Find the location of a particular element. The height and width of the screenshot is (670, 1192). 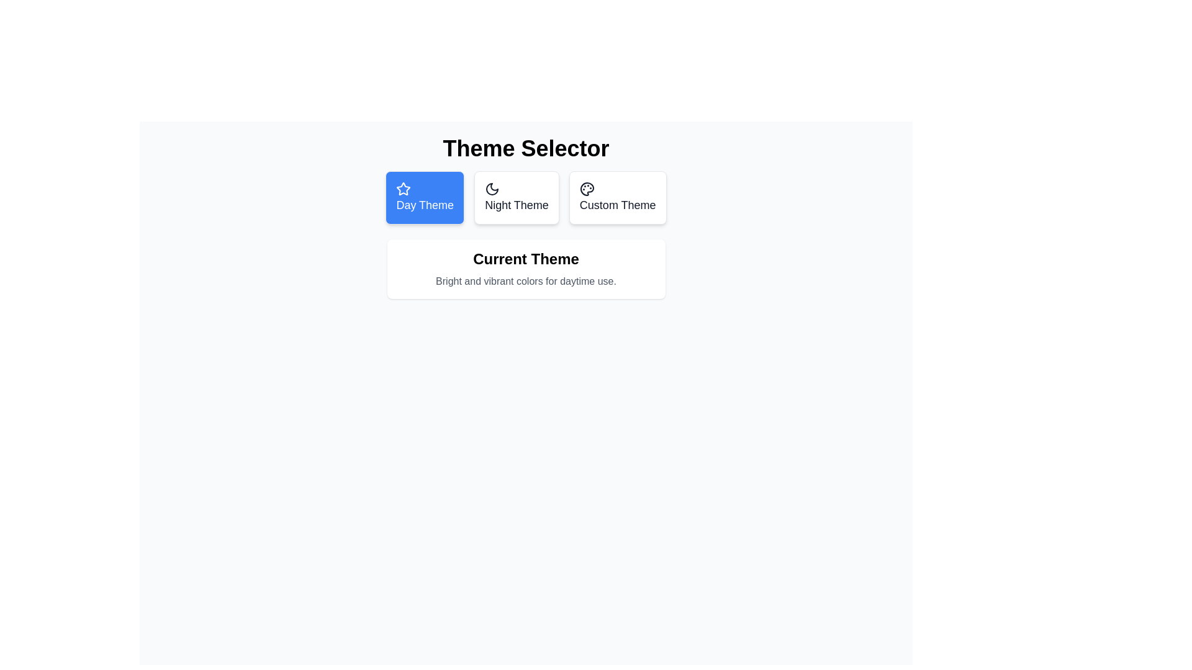

the theme by clicking on the corresponding button for Day Theme is located at coordinates (425, 197).